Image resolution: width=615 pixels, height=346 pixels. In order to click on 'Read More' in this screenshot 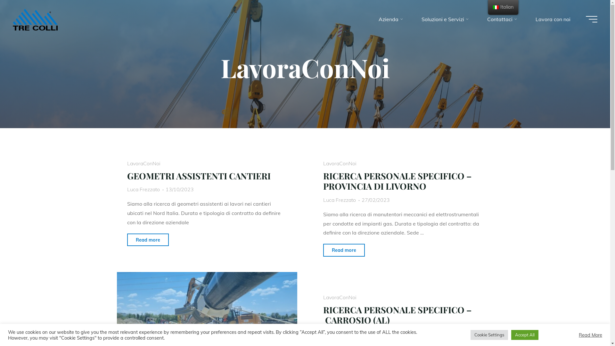, I will do `click(590, 334)`.